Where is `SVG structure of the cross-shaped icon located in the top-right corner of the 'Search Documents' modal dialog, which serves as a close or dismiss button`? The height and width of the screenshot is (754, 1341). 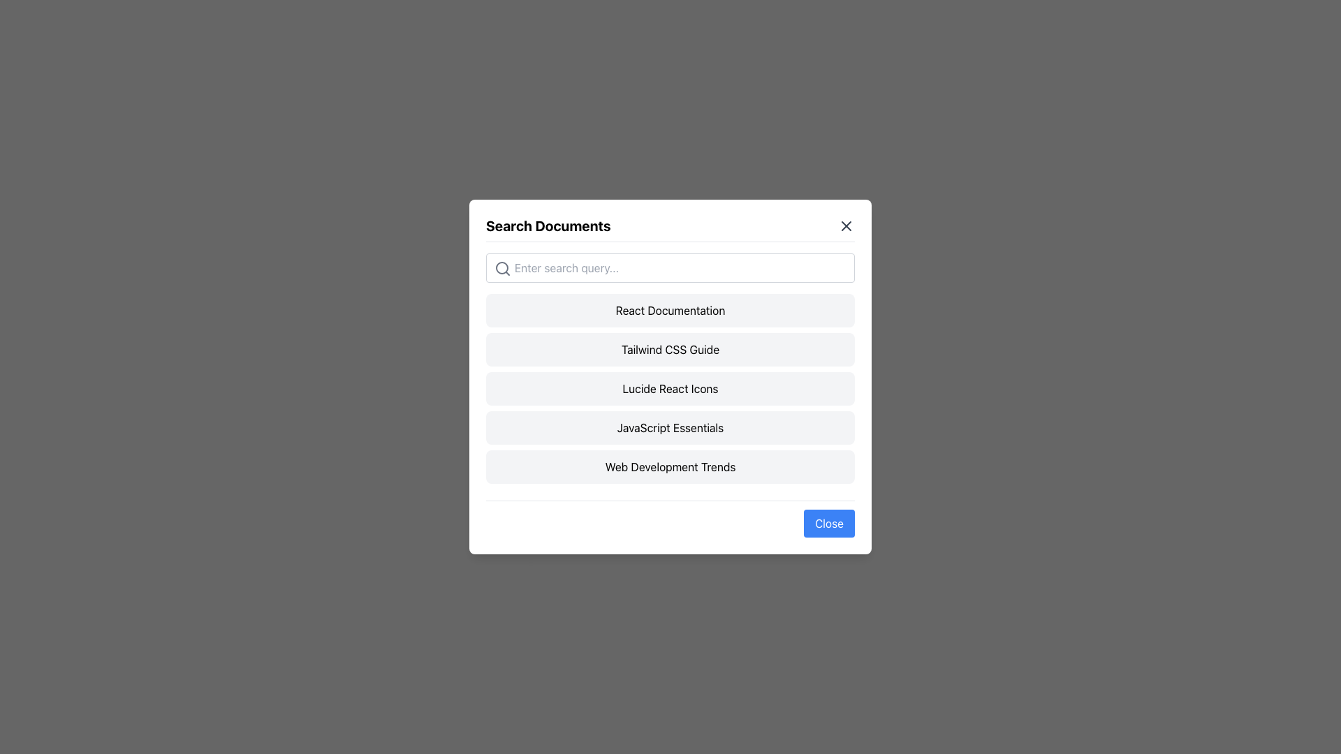 SVG structure of the cross-shaped icon located in the top-right corner of the 'Search Documents' modal dialog, which serves as a close or dismiss button is located at coordinates (845, 226).